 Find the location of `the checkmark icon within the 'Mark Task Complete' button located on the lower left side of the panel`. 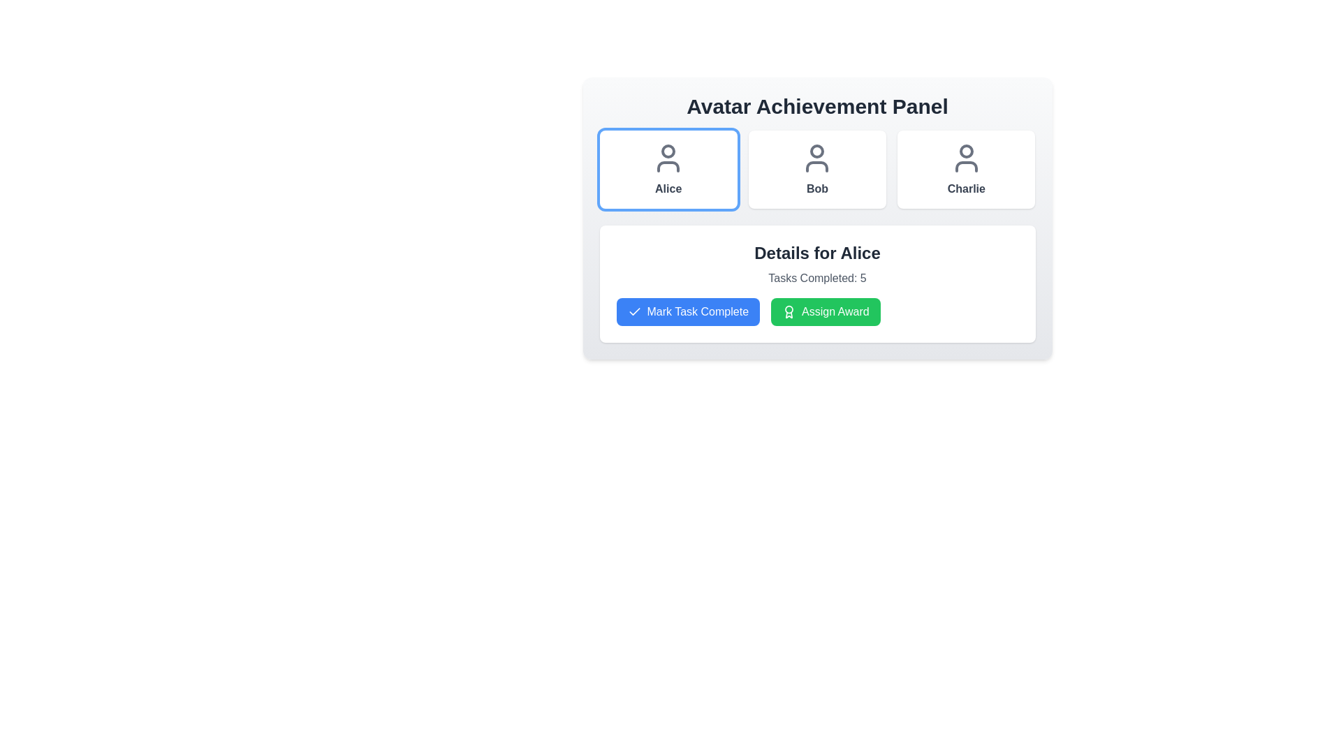

the checkmark icon within the 'Mark Task Complete' button located on the lower left side of the panel is located at coordinates (633, 311).